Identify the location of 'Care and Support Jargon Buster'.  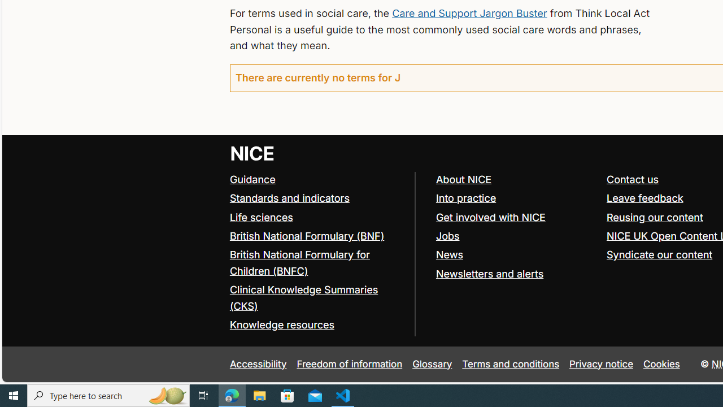
(469, 13).